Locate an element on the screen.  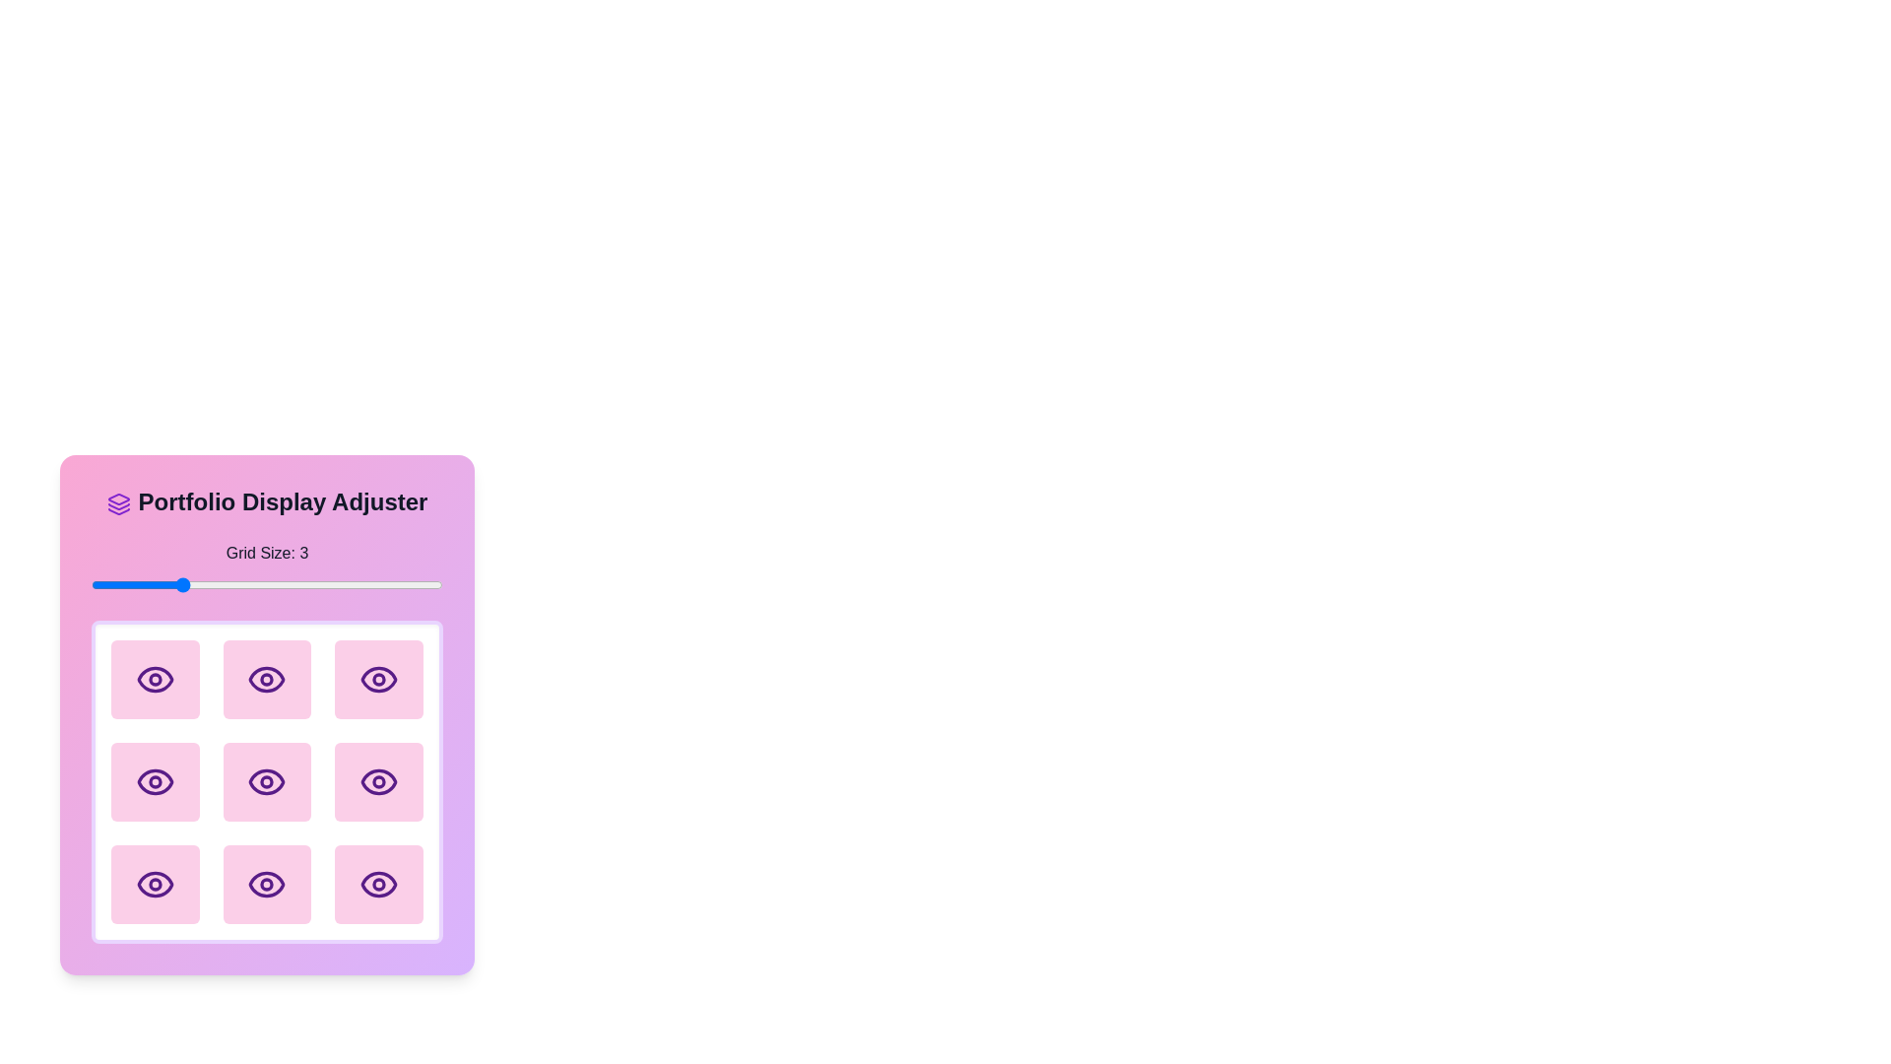
the grid size to 3 using the slider is located at coordinates (179, 584).